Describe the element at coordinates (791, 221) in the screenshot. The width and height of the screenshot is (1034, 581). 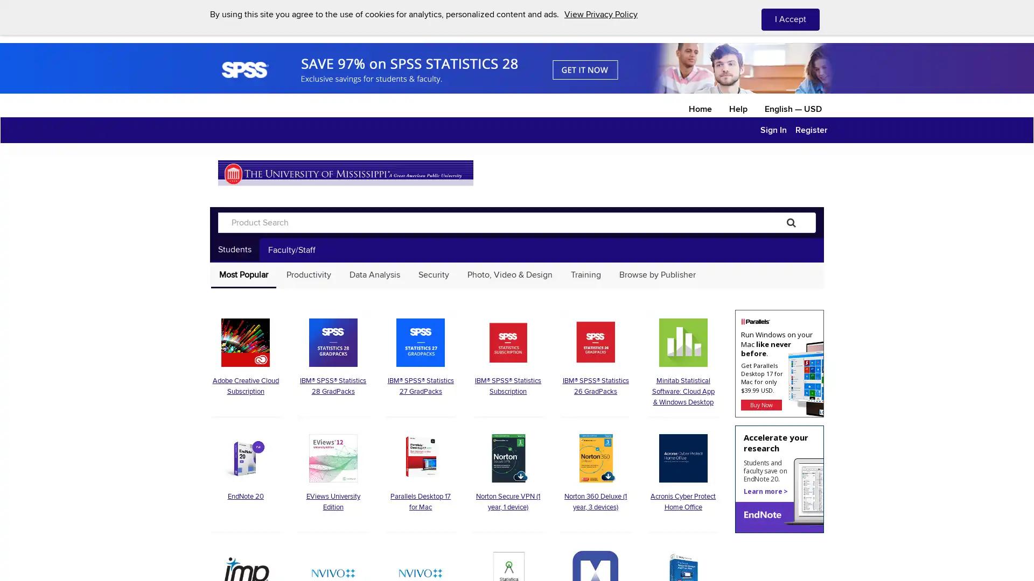
I see `Search` at that location.